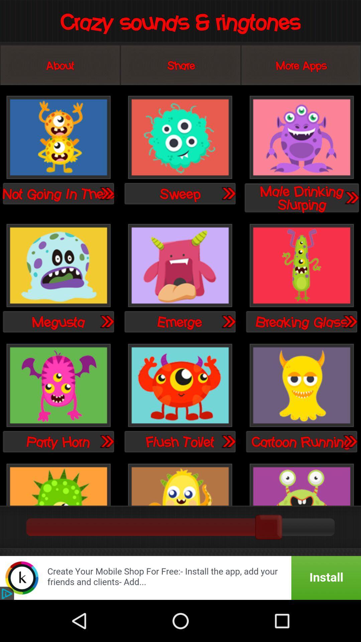  Describe the element at coordinates (179, 386) in the screenshot. I see `flush ringtone` at that location.